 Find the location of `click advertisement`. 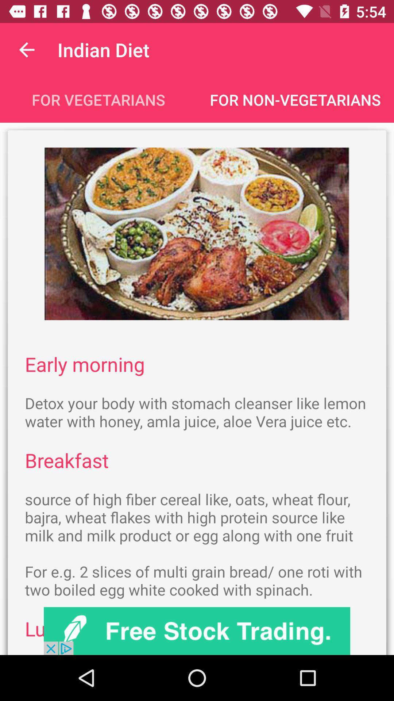

click advertisement is located at coordinates (197, 631).